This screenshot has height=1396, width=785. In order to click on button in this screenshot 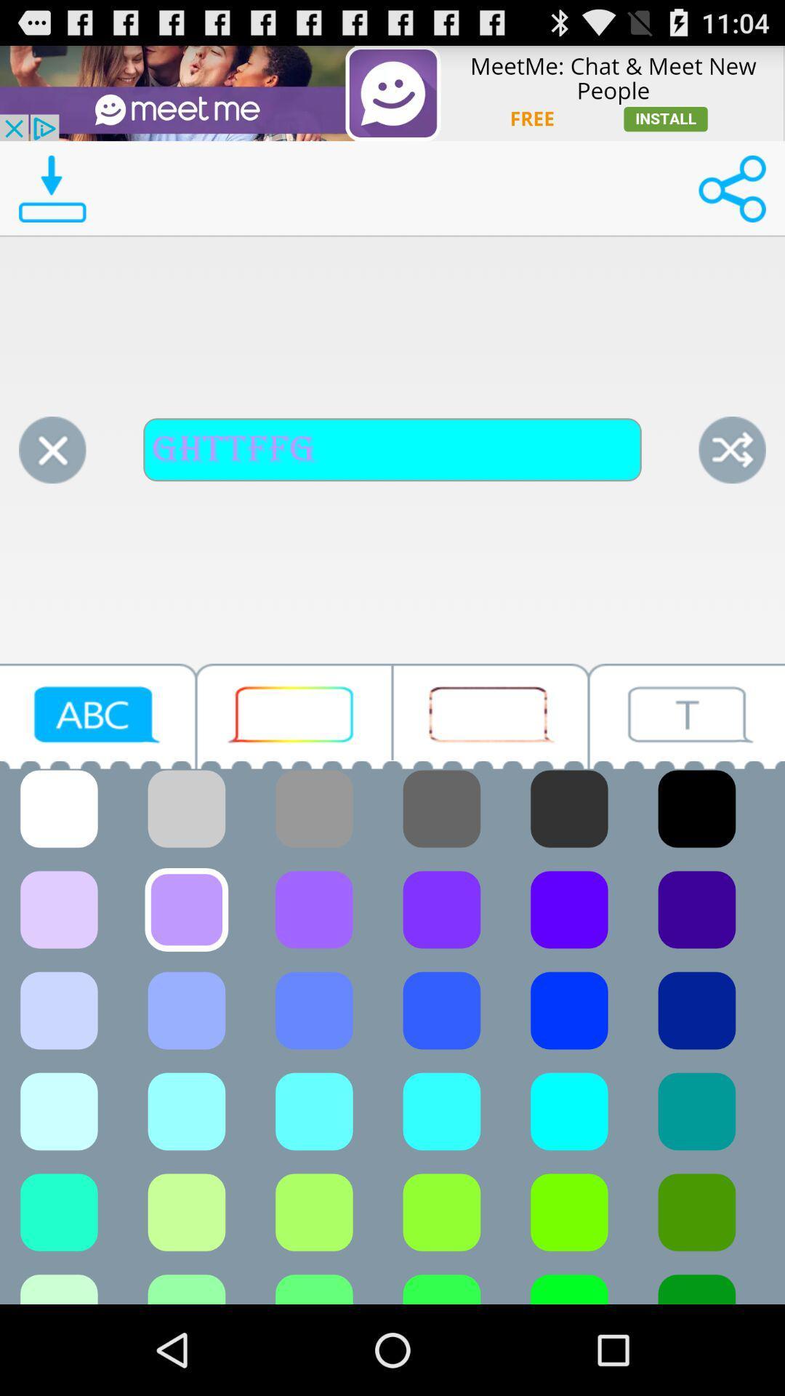, I will do `click(491, 716)`.